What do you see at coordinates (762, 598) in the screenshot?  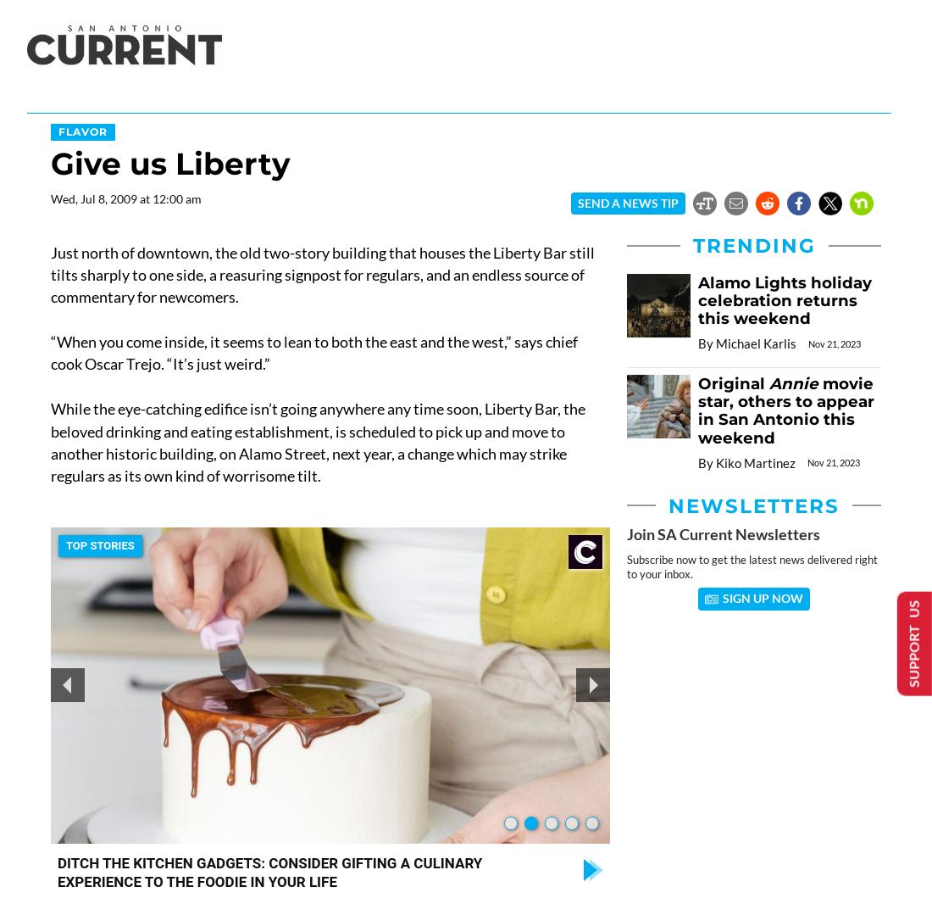 I see `'Sign Up Now'` at bounding box center [762, 598].